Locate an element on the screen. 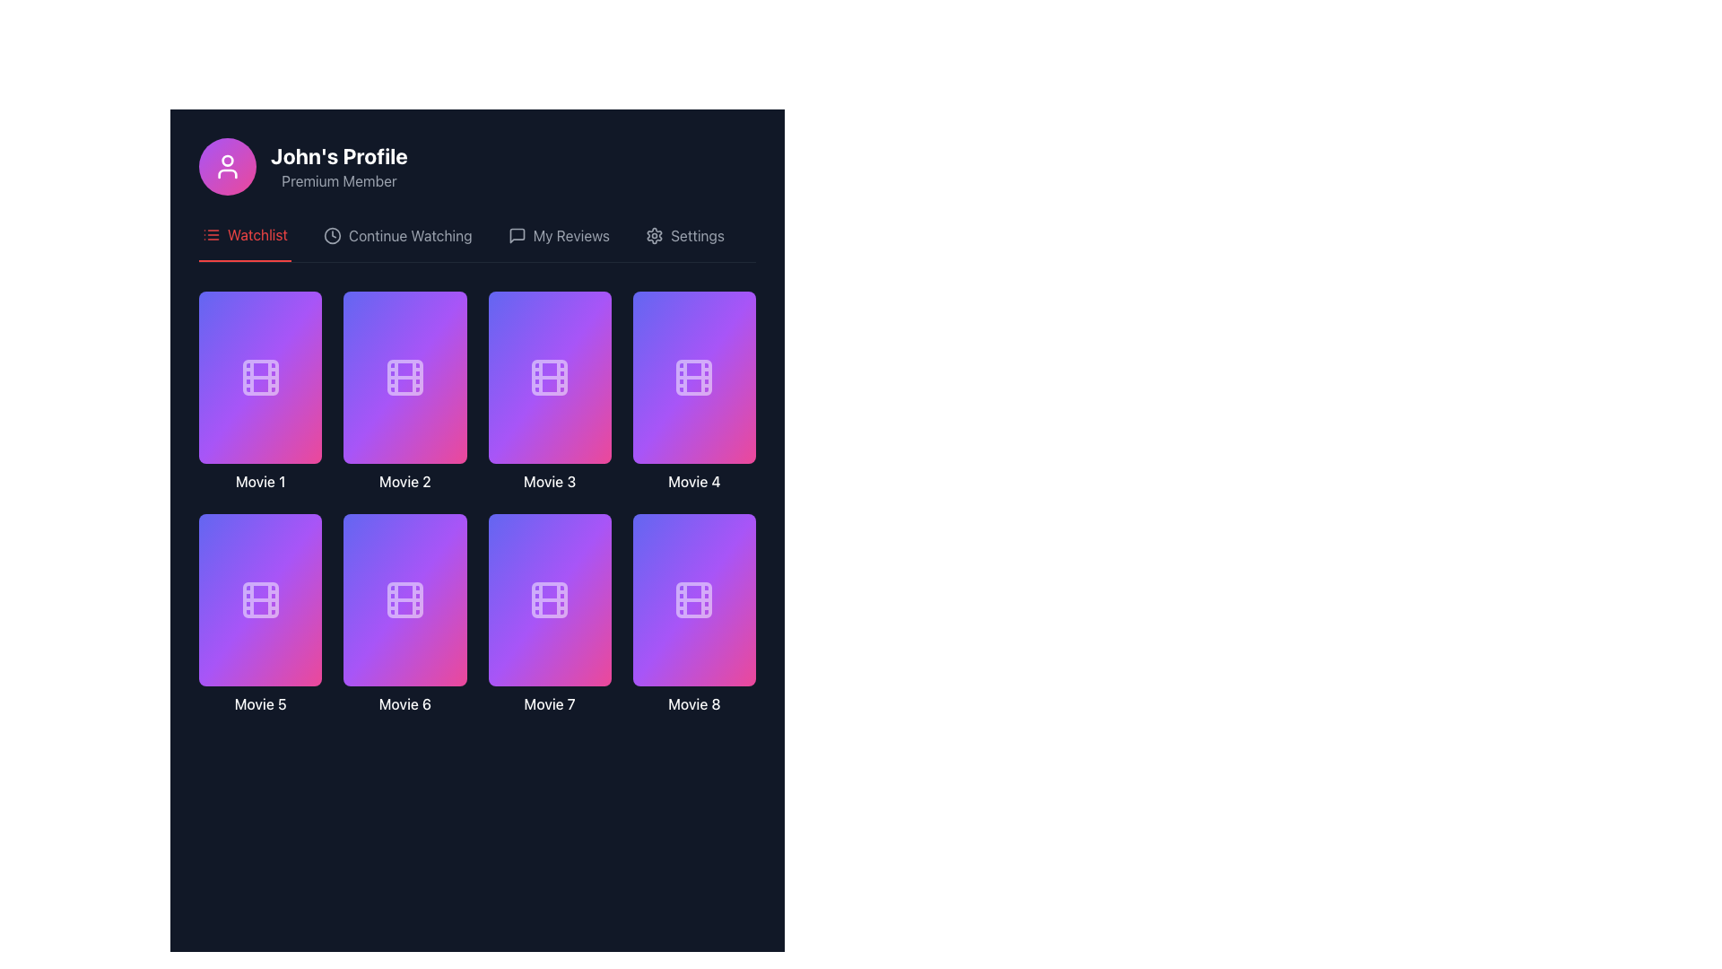 The height and width of the screenshot is (969, 1722). the second text label in the vertical list of movie entries, which serves as the title for the associated movie card is located at coordinates (404, 480).